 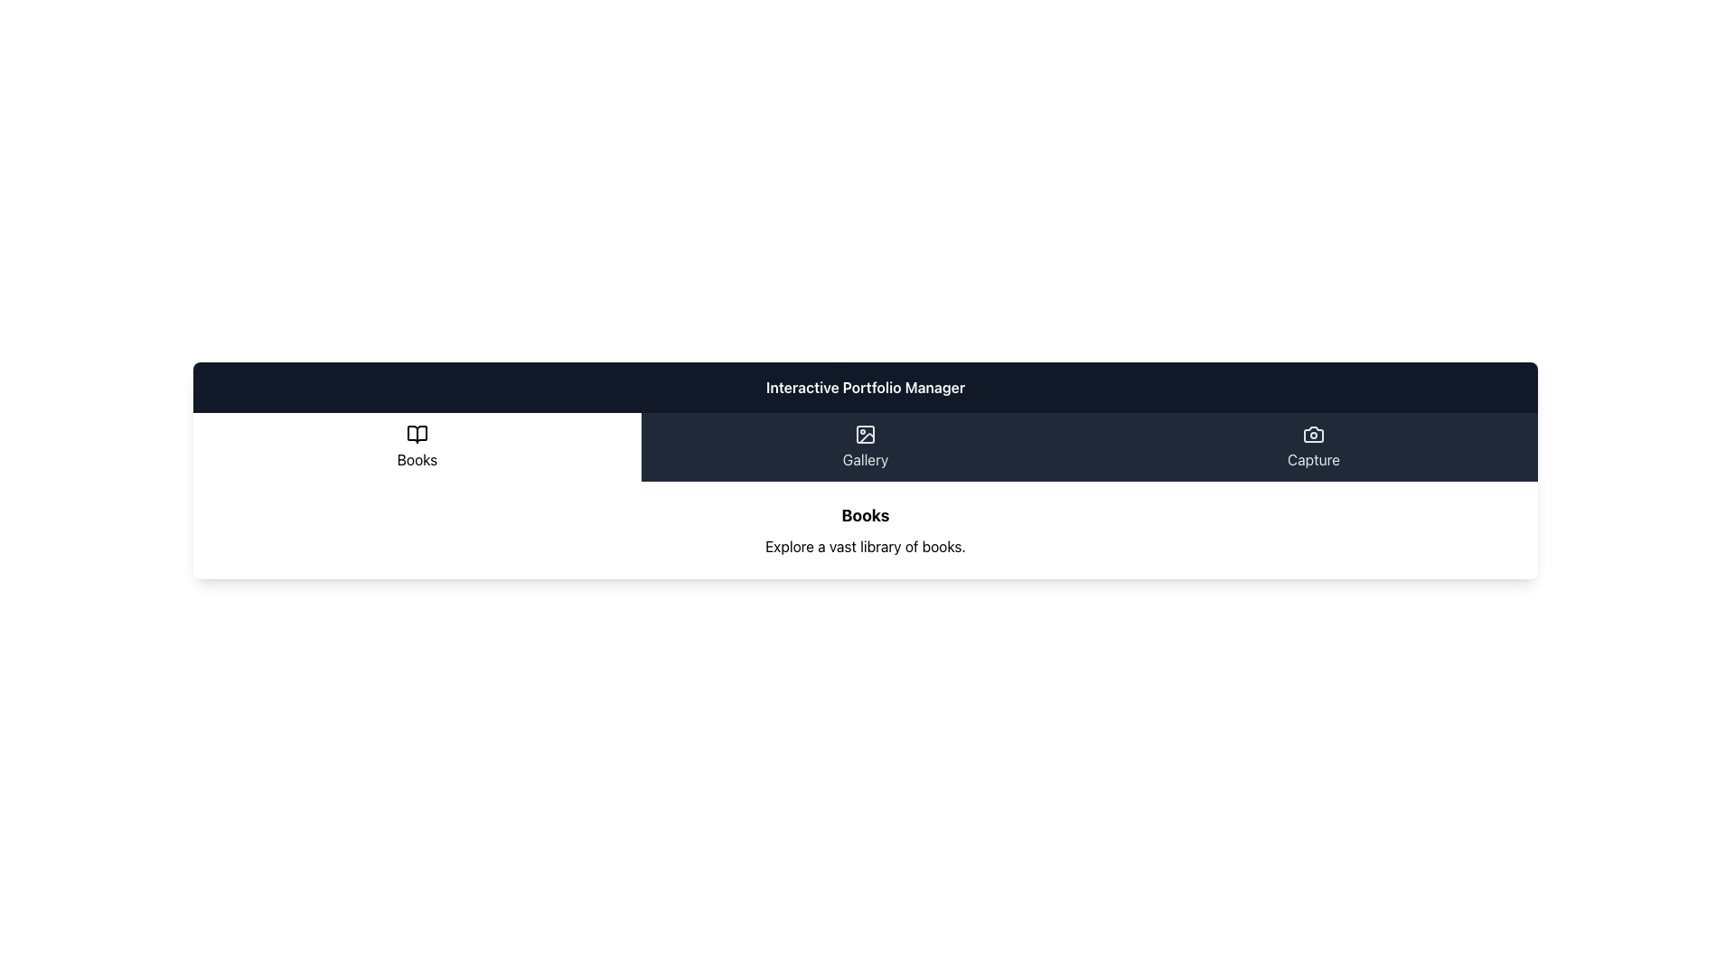 I want to click on the open book icon located in the top-left section of the navigation bar, which visually represents the 'Books' section, so click(x=416, y=435).